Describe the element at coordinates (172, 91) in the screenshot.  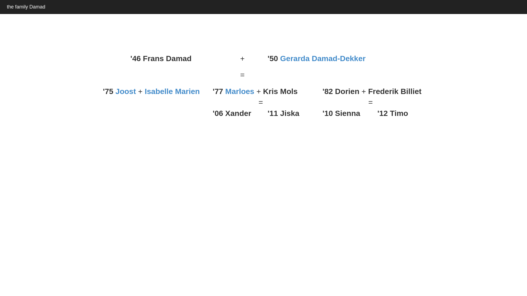
I see `'Isabelle Marien'` at that location.